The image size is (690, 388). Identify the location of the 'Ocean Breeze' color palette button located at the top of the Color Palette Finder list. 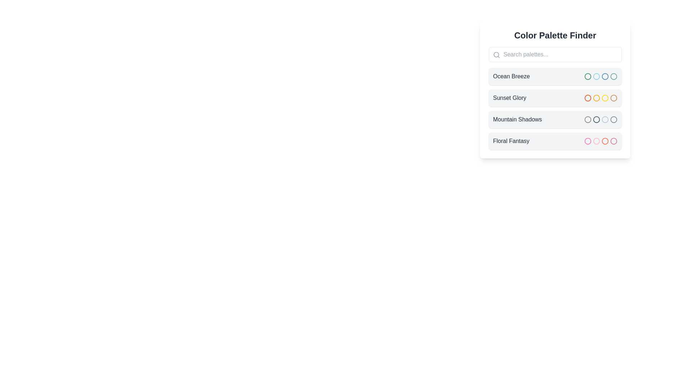
(555, 76).